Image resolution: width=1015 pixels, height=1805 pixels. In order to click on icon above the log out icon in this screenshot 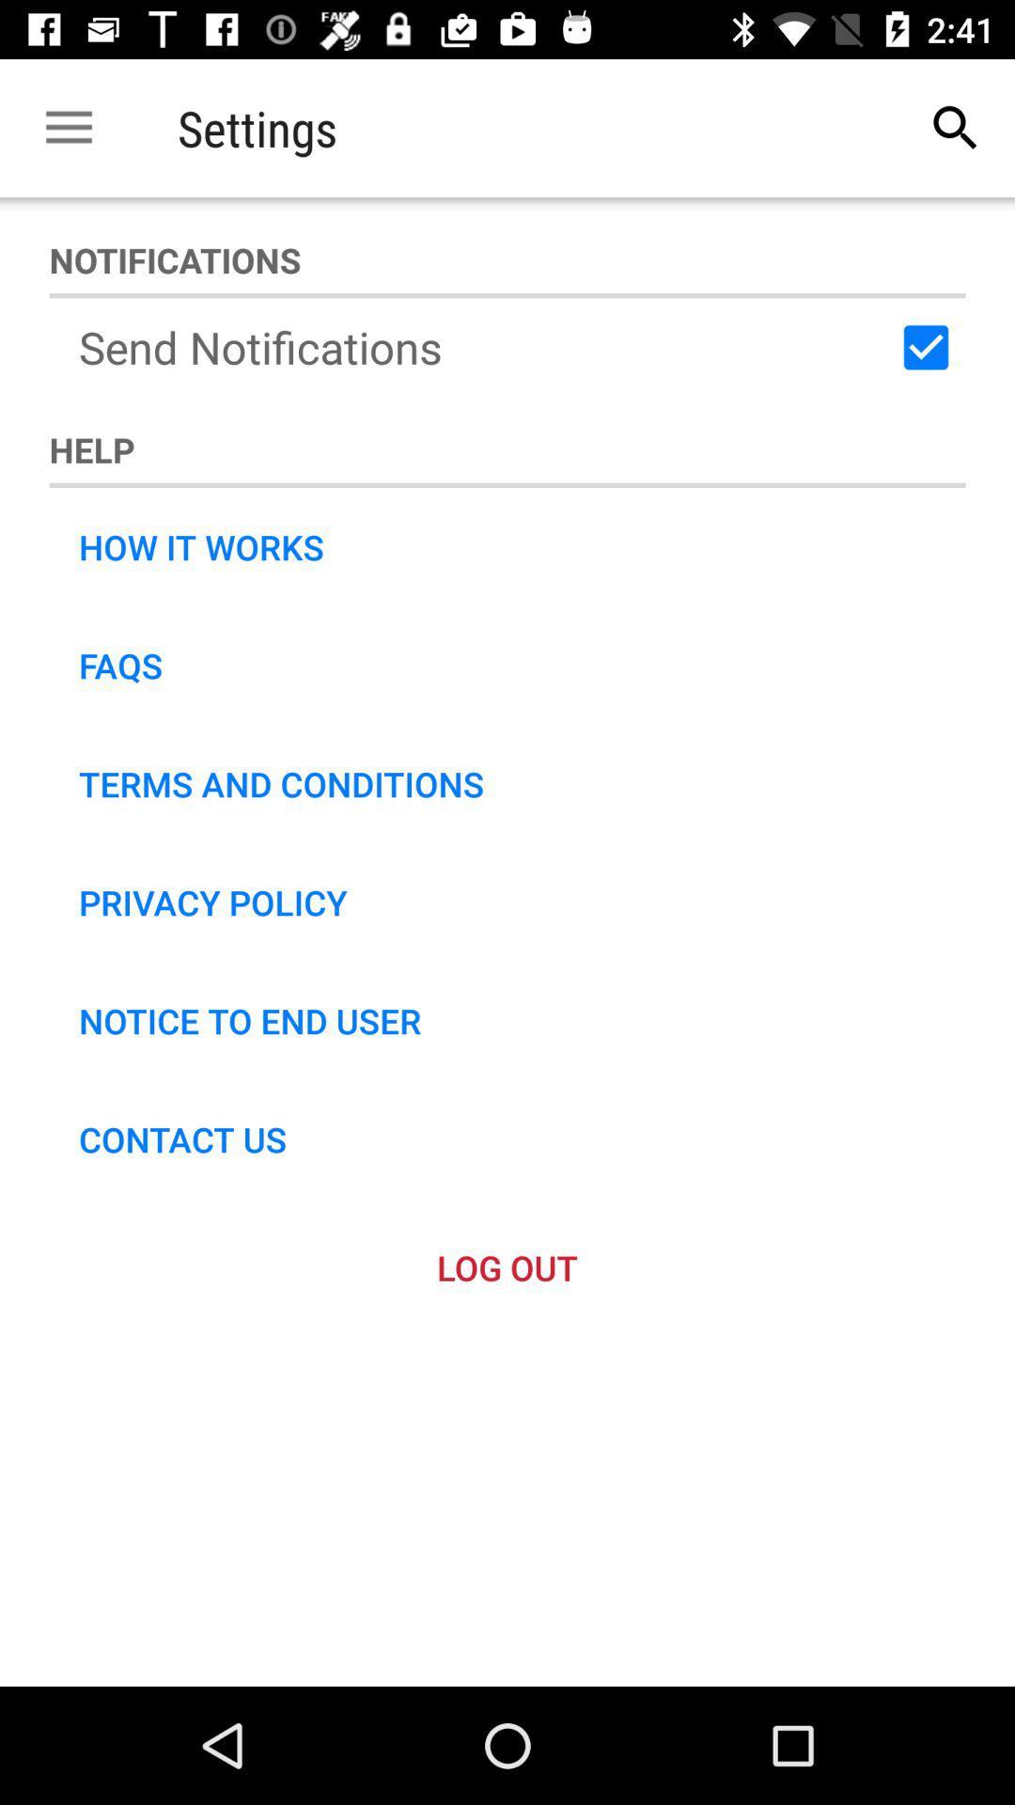, I will do `click(182, 1138)`.